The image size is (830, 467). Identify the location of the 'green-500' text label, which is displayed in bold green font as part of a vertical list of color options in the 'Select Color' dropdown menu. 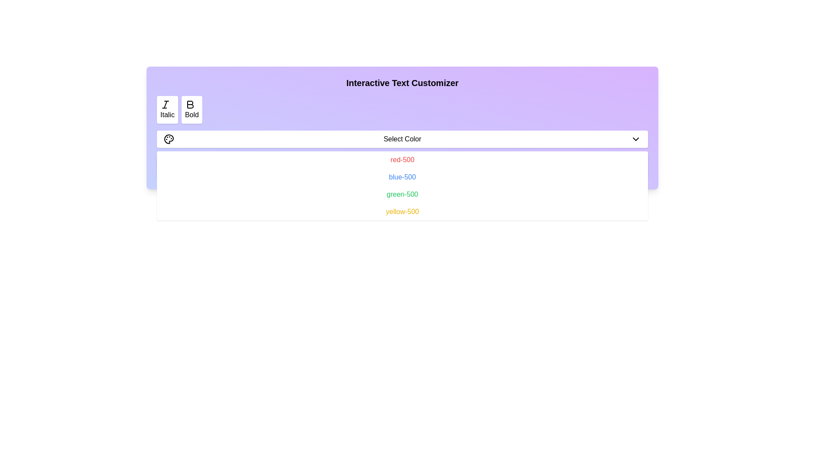
(402, 194).